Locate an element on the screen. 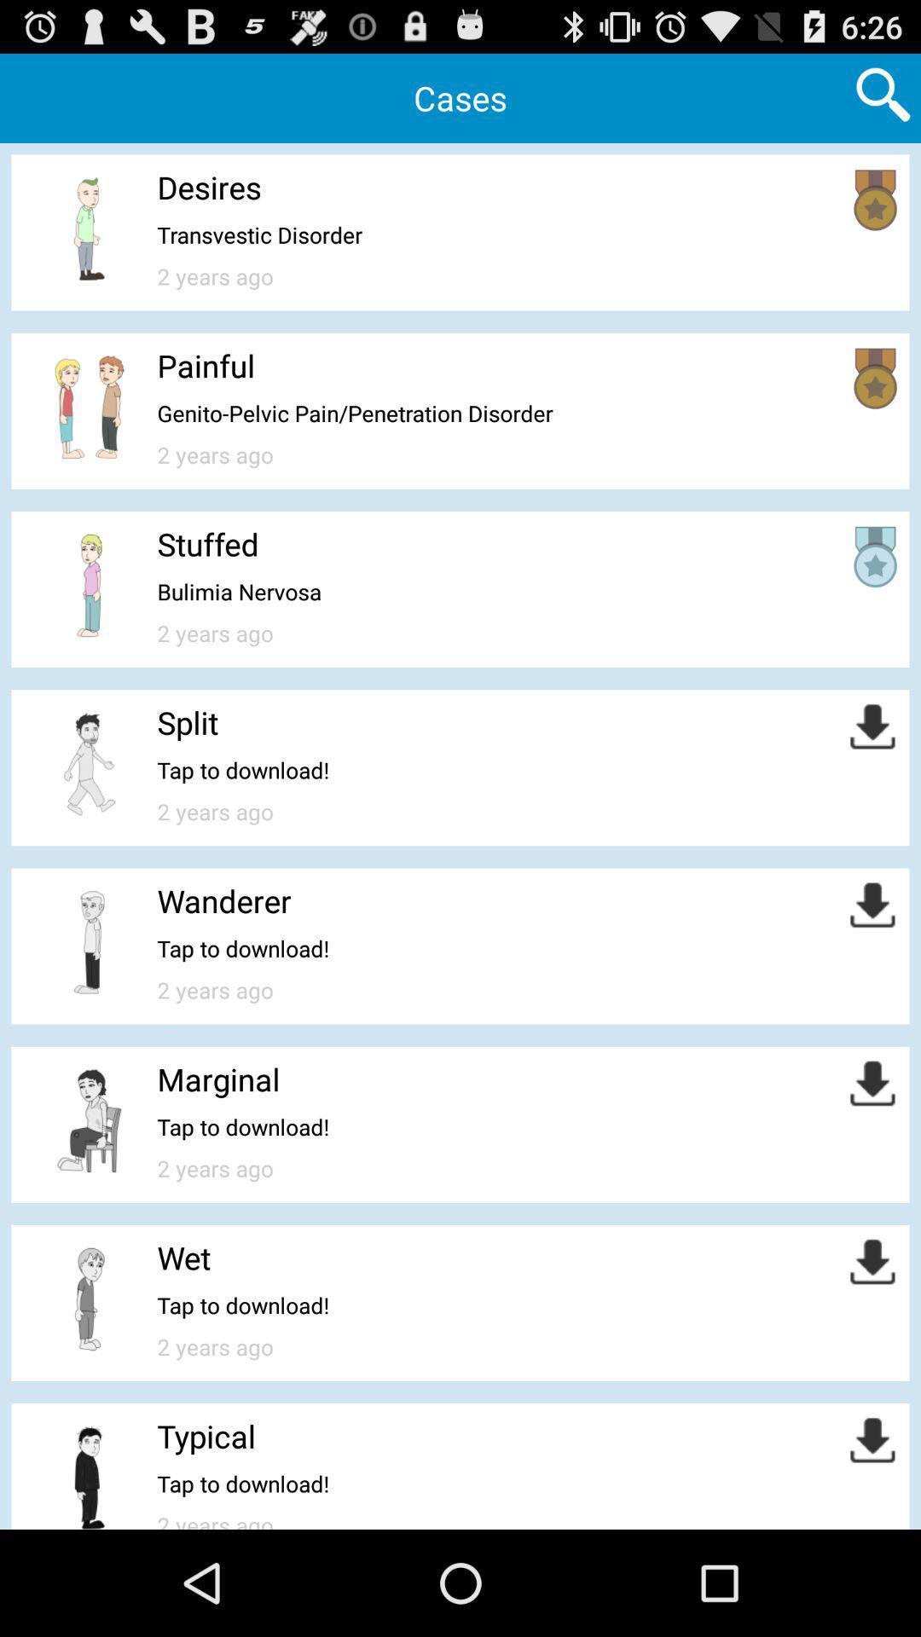 The height and width of the screenshot is (1637, 921). item below desires app is located at coordinates (259, 234).